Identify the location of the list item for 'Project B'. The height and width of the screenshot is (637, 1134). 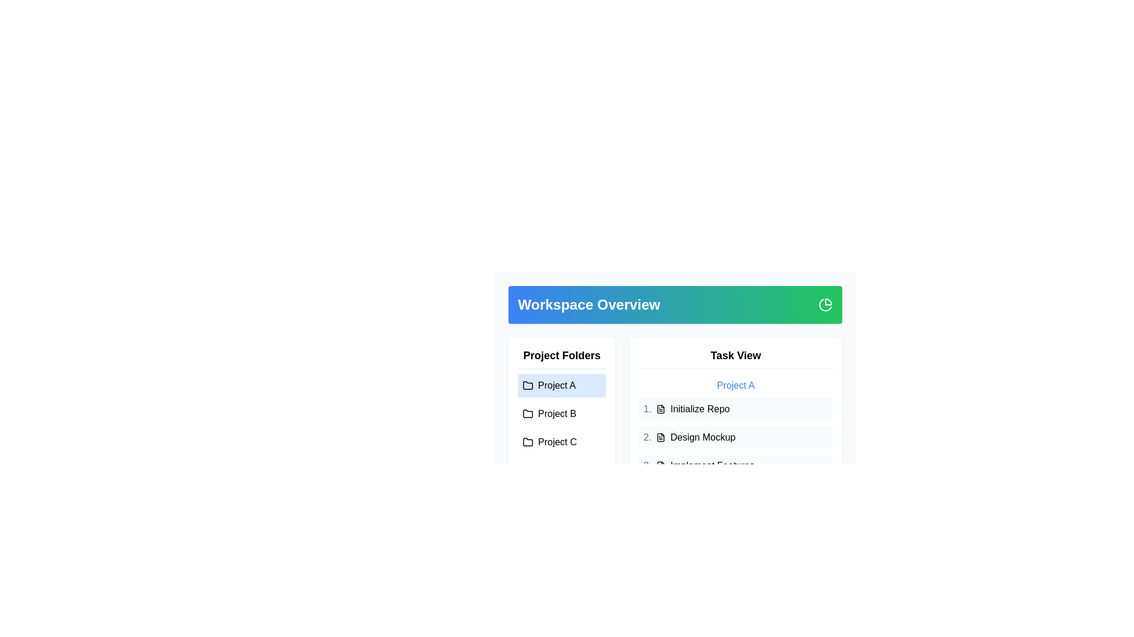
(561, 413).